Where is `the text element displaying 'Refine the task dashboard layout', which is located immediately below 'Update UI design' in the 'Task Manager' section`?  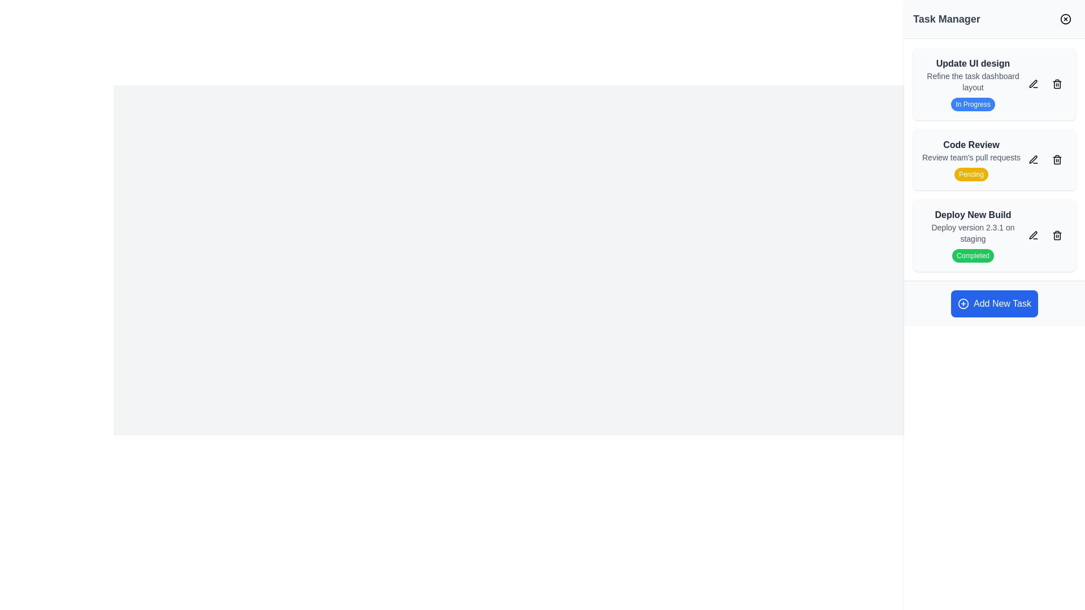
the text element displaying 'Refine the task dashboard layout', which is located immediately below 'Update UI design' in the 'Task Manager' section is located at coordinates (973, 81).